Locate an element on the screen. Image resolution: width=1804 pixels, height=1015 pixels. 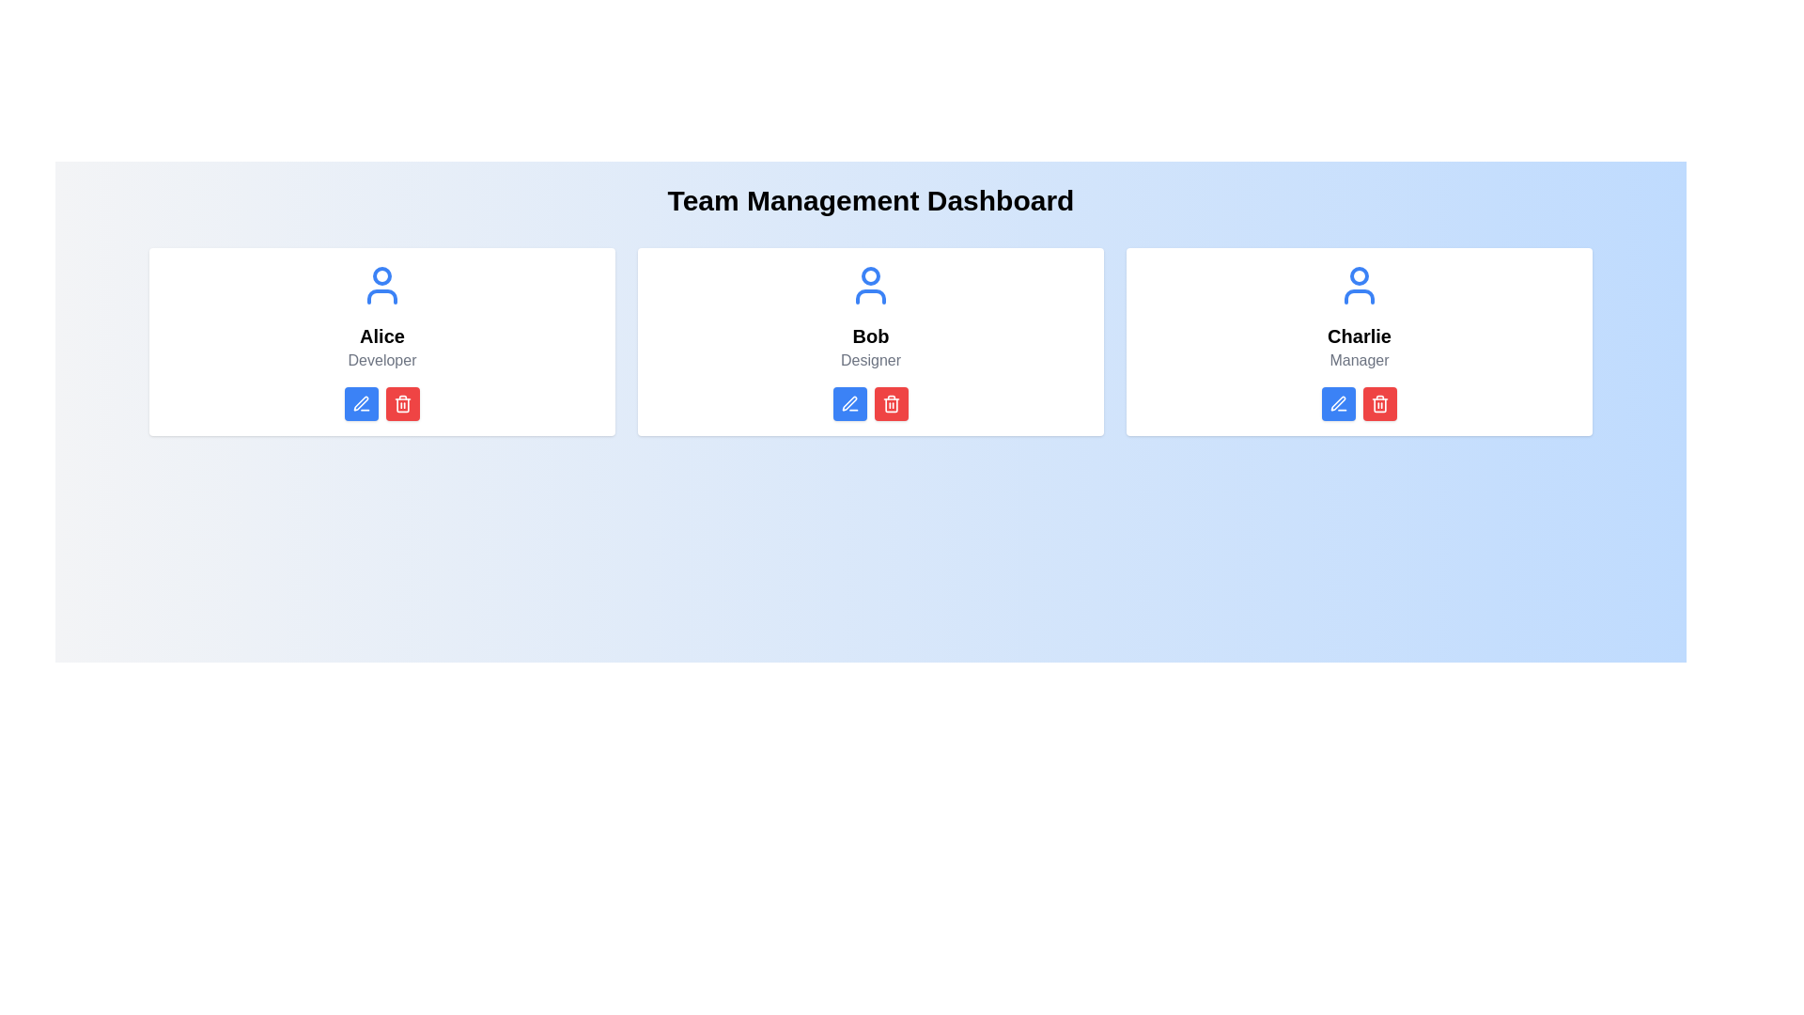
the profile icon for user 'Charlie' in the top-center of the card layout within the 'Team Management Dashboard' is located at coordinates (1359, 286).